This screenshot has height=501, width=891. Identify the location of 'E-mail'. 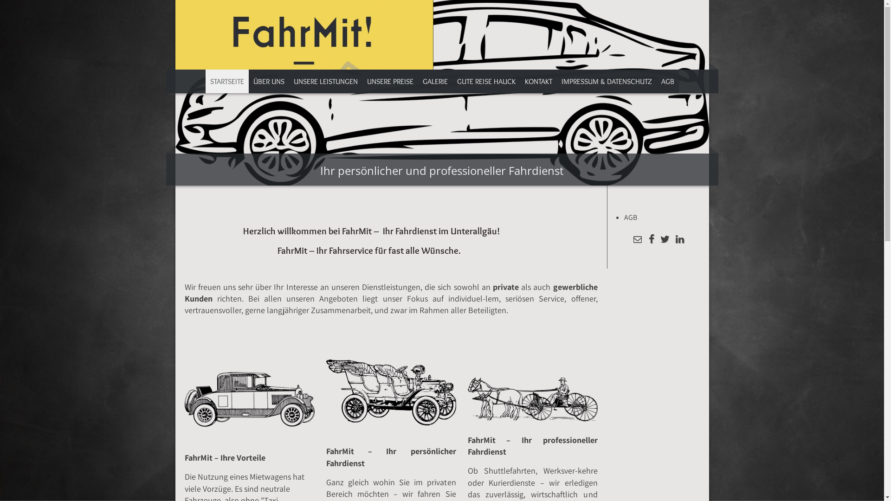
(637, 239).